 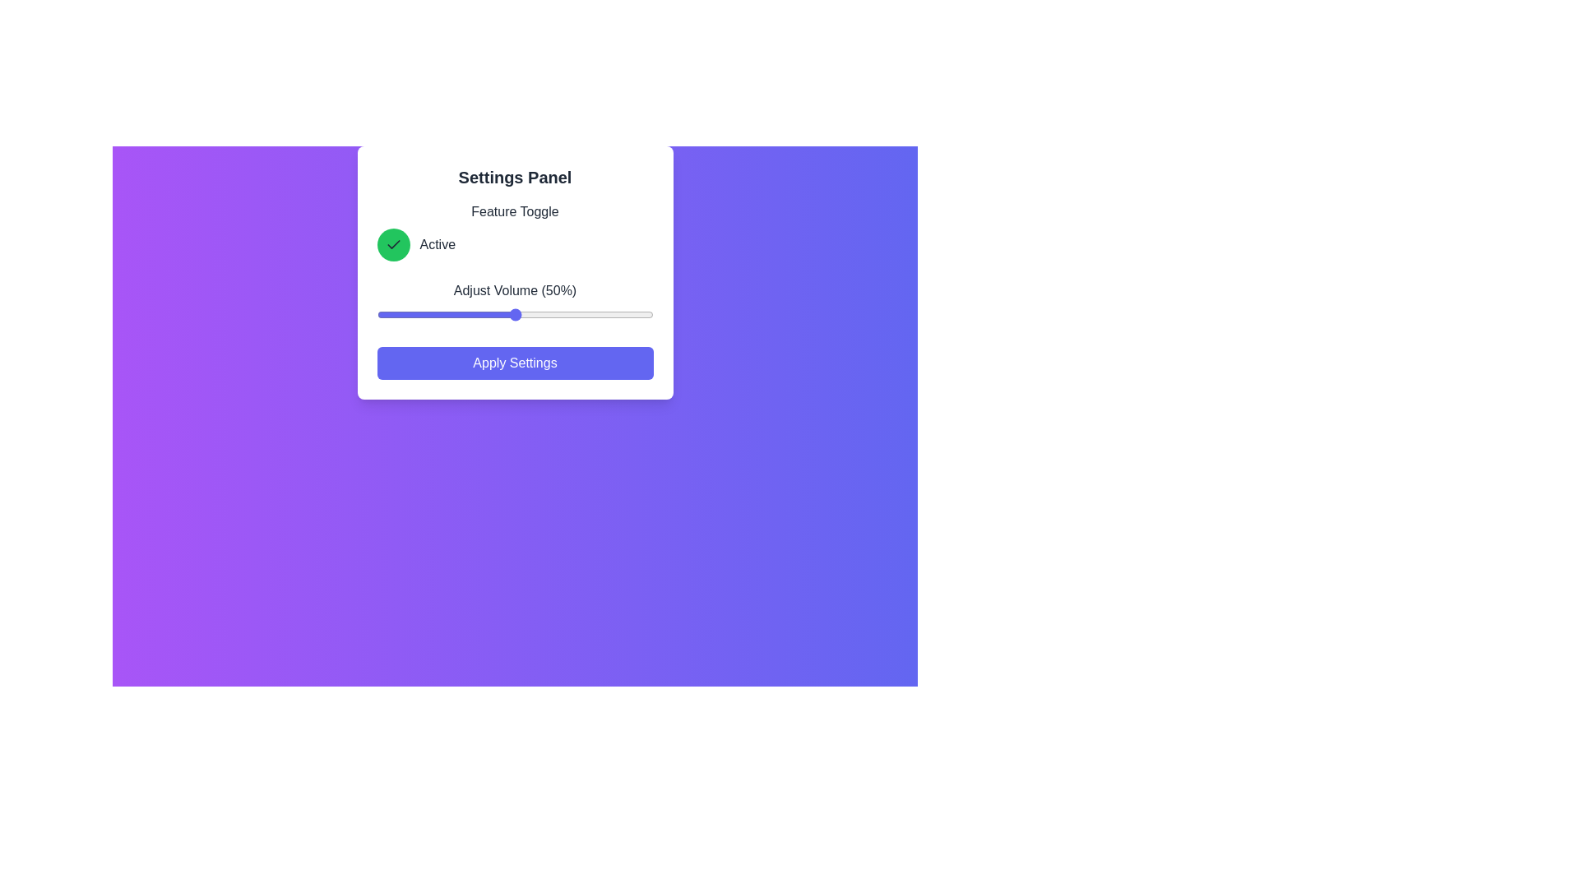 What do you see at coordinates (535, 314) in the screenshot?
I see `the volume` at bounding box center [535, 314].